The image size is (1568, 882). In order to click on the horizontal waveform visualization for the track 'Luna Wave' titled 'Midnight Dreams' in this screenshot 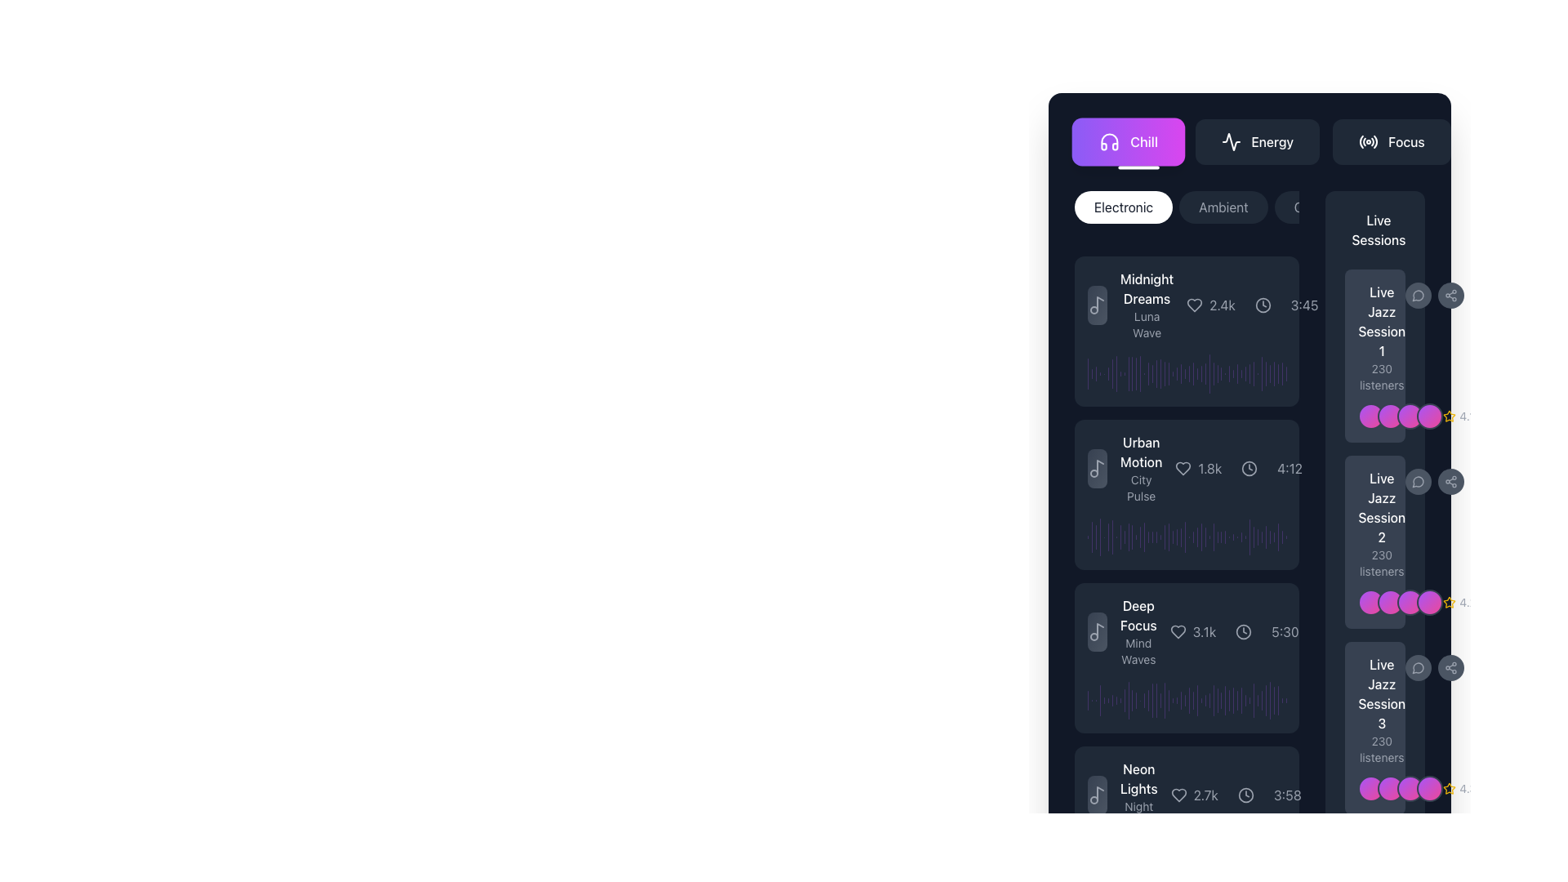, I will do `click(1187, 374)`.